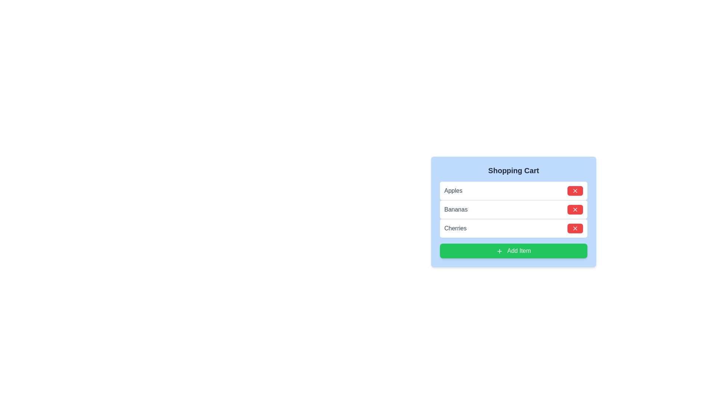 This screenshot has height=398, width=708. What do you see at coordinates (455, 228) in the screenshot?
I see `the text label displaying 'Cherries' in gray color, located on the left side of the shopping cart interface card` at bounding box center [455, 228].